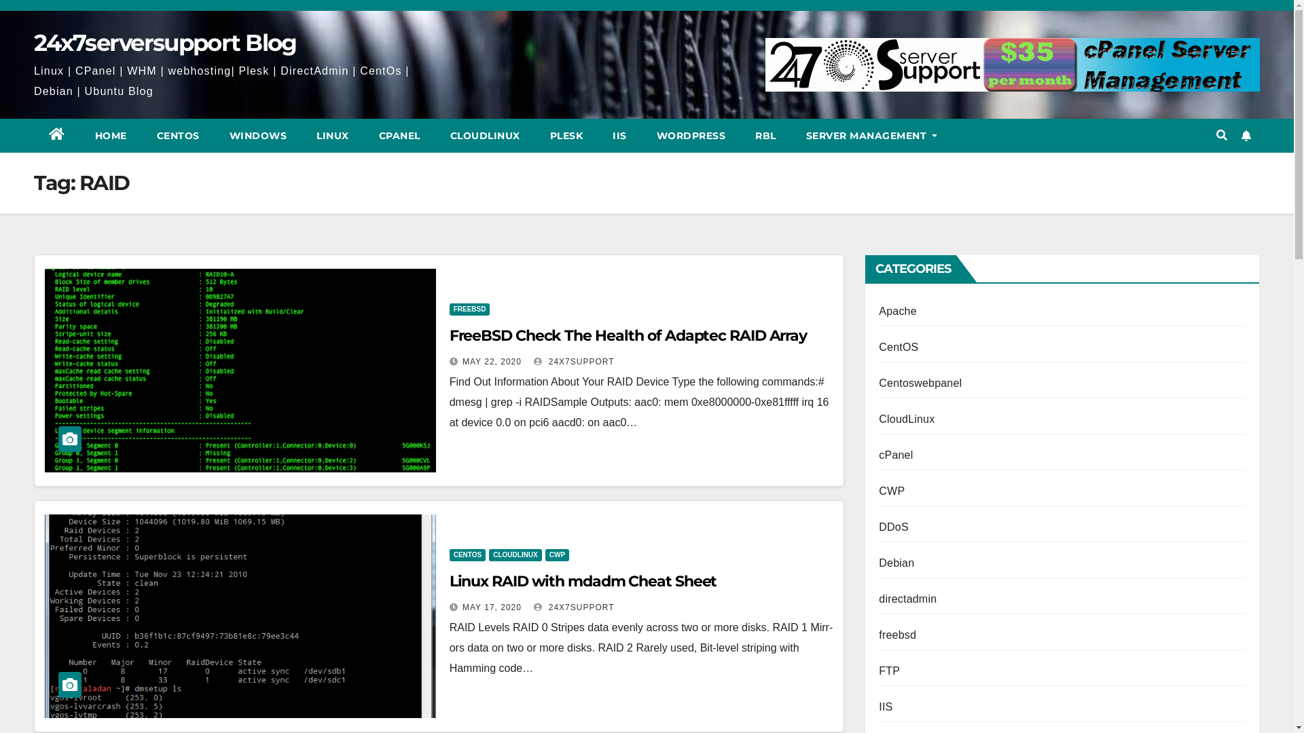 The width and height of the screenshot is (1304, 733). I want to click on 'CLOUDLINUX', so click(514, 555).